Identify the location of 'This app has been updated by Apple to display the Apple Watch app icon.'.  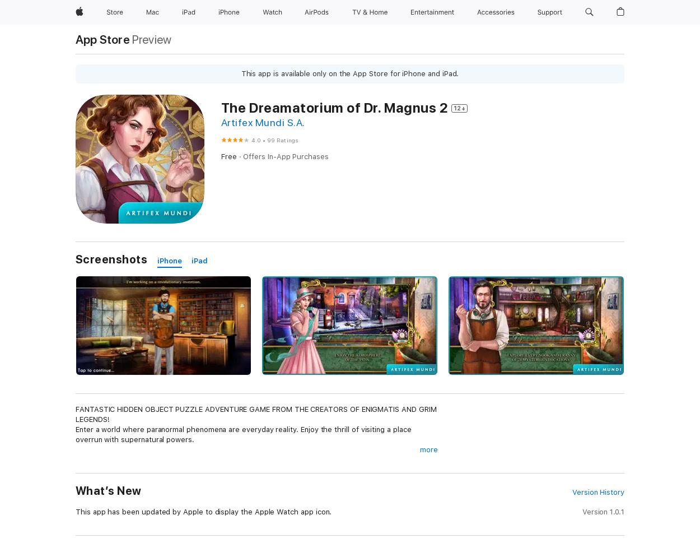
(203, 512).